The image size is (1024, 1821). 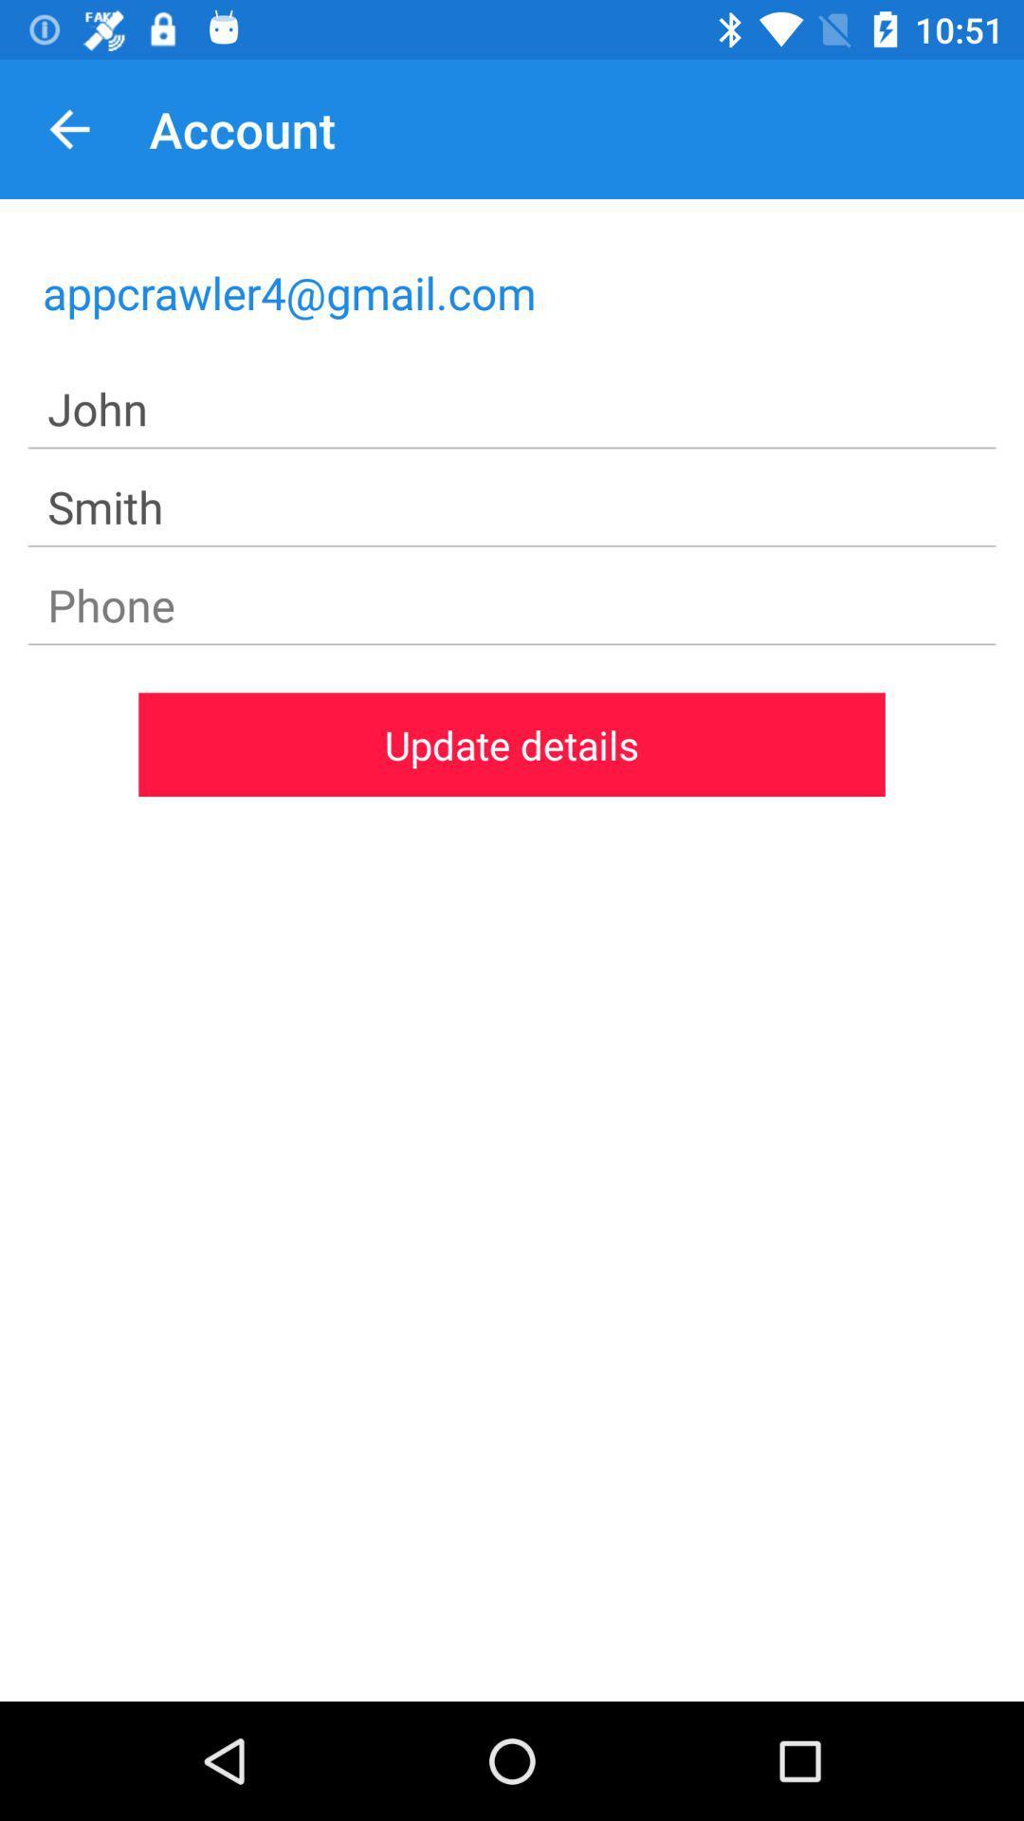 What do you see at coordinates (68, 128) in the screenshot?
I see `the item to the left of the account item` at bounding box center [68, 128].